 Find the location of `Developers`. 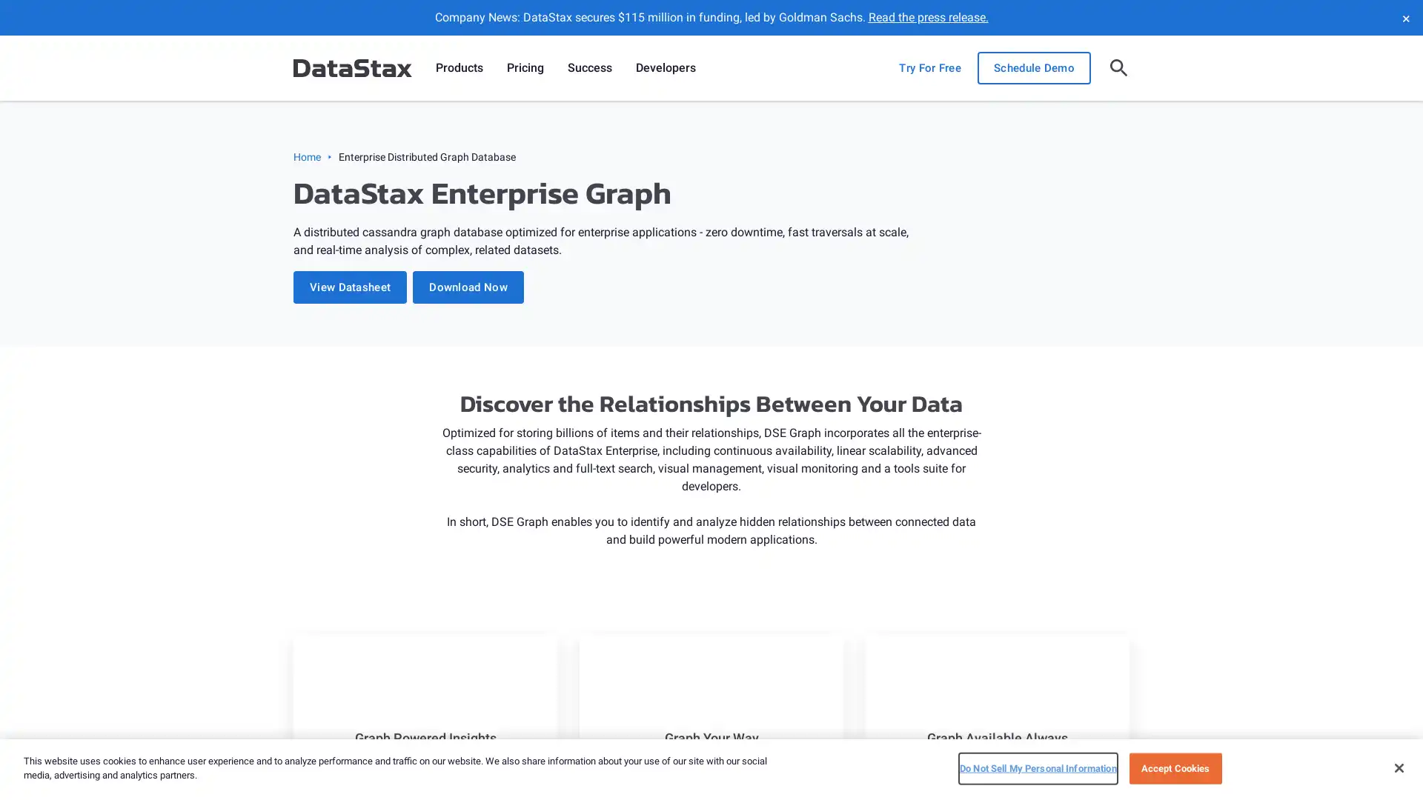

Developers is located at coordinates (665, 68).